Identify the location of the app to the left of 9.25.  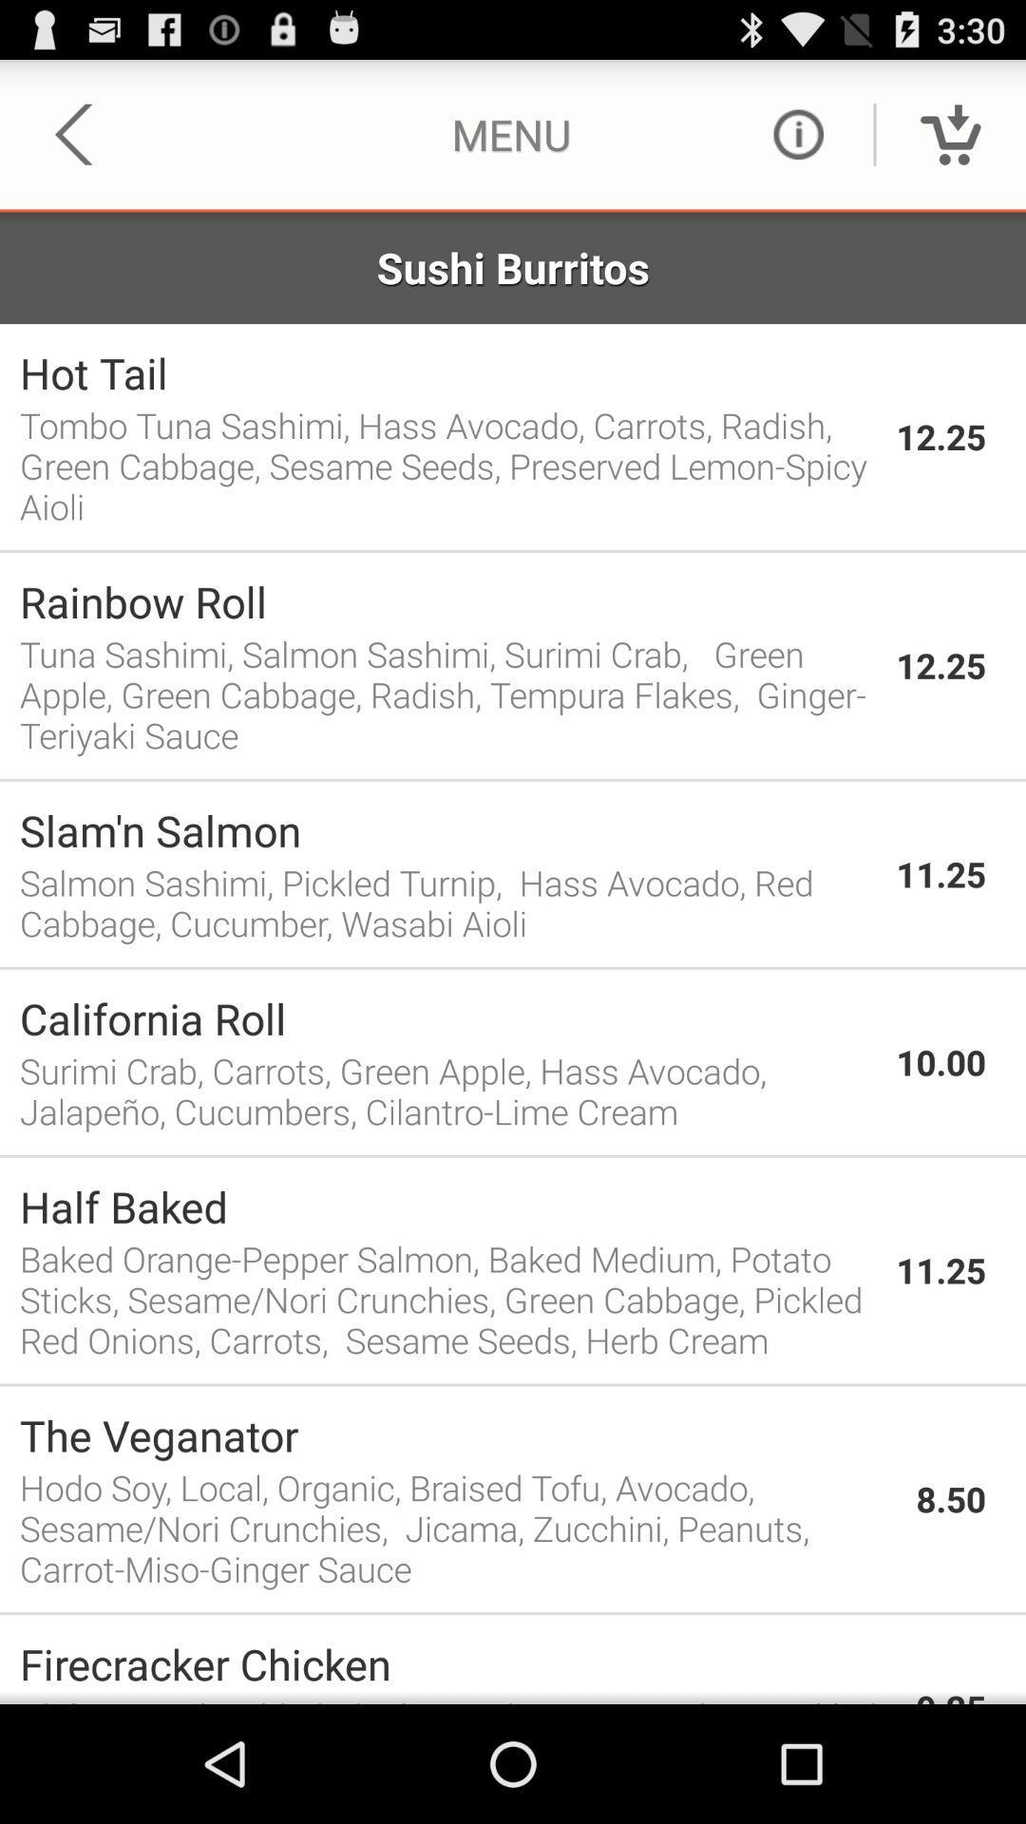
(458, 1662).